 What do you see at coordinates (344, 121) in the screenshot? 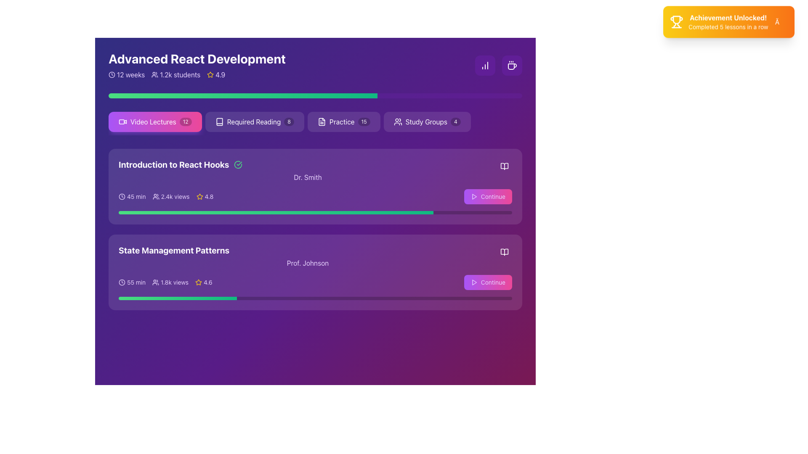
I see `the navigational button that redirects users to the 'Practice' section, which is the third button from the left in a series of four buttons, indicated by the number '15'` at bounding box center [344, 121].